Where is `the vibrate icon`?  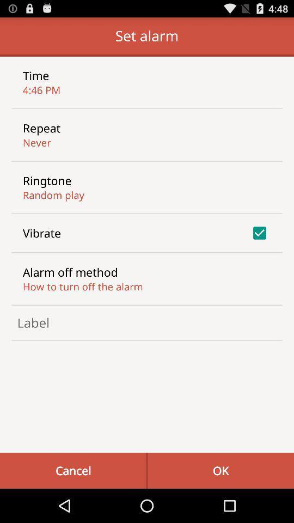 the vibrate icon is located at coordinates (41, 233).